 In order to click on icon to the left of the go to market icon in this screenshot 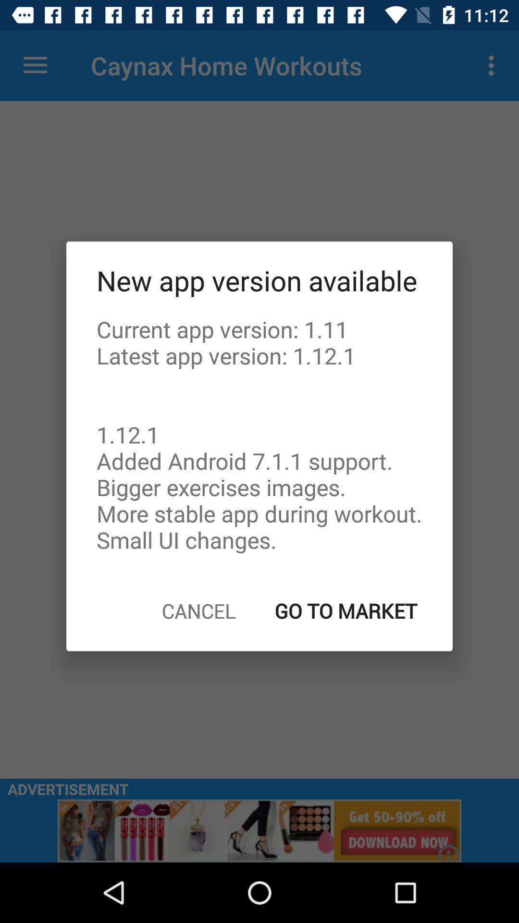, I will do `click(198, 610)`.